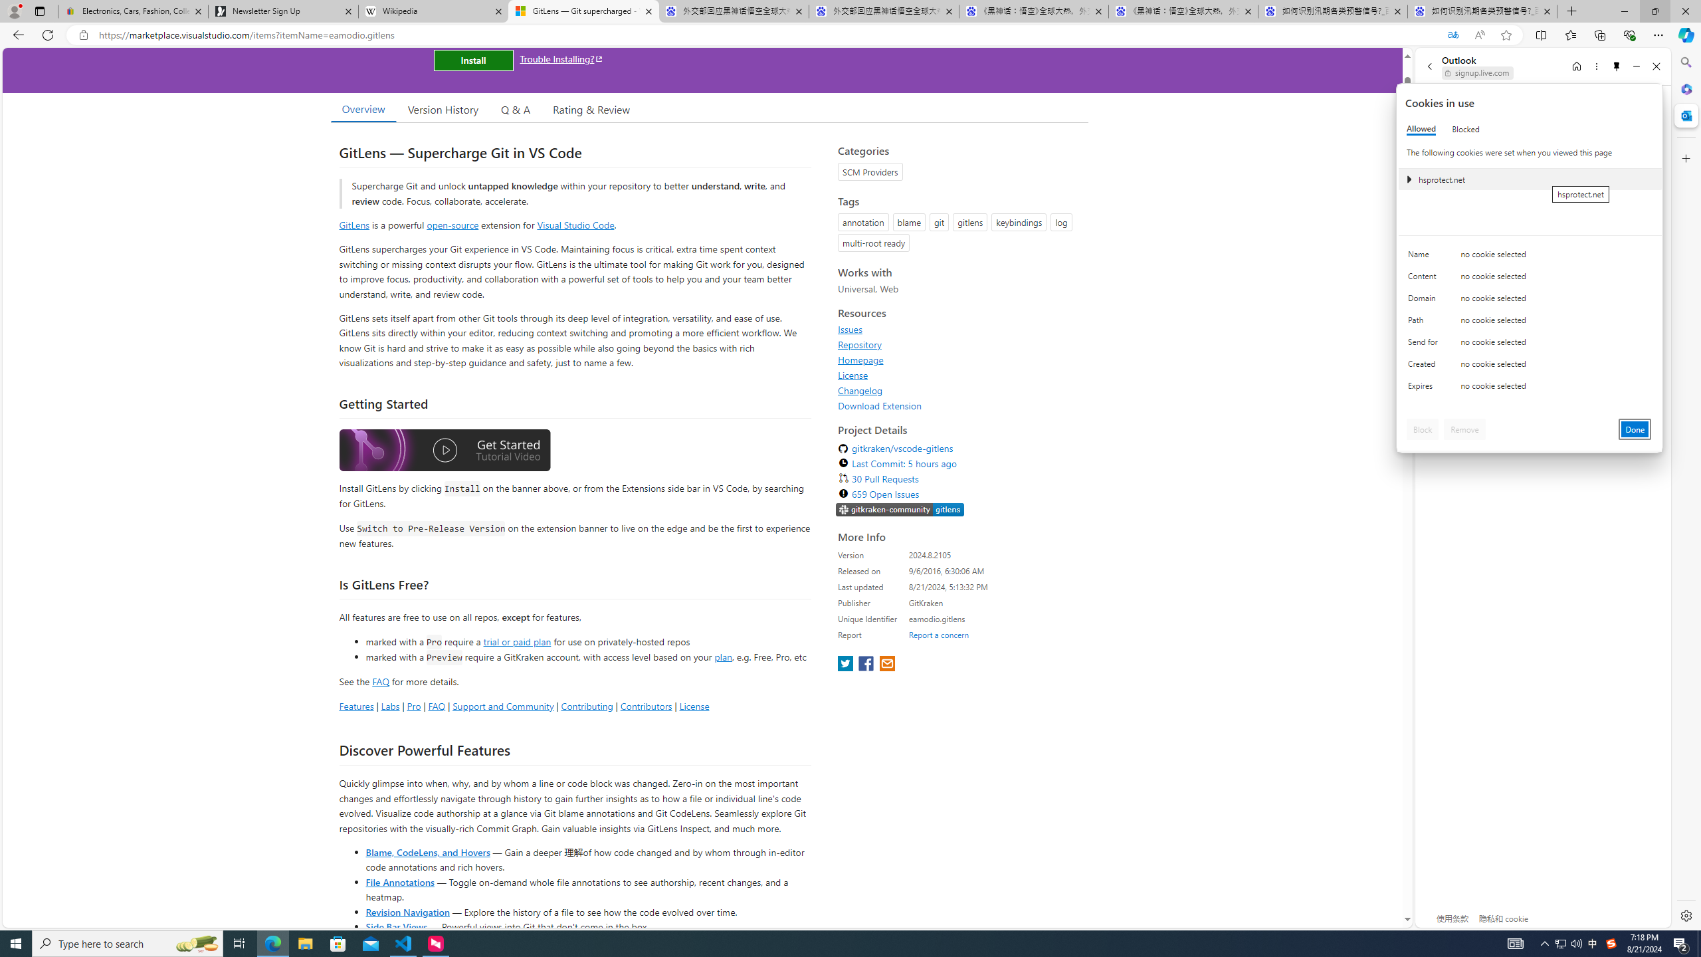  Describe the element at coordinates (1425, 300) in the screenshot. I see `'Domain'` at that location.